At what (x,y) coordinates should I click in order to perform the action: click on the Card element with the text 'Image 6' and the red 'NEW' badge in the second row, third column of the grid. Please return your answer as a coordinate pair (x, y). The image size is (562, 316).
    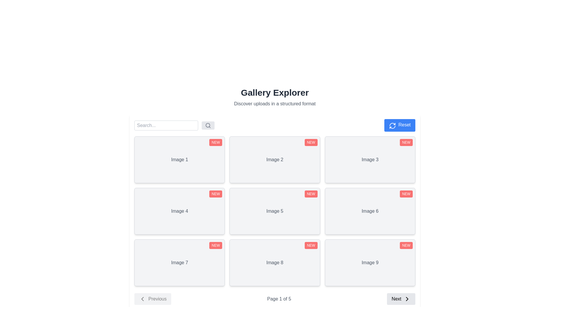
    Looking at the image, I should click on (370, 211).